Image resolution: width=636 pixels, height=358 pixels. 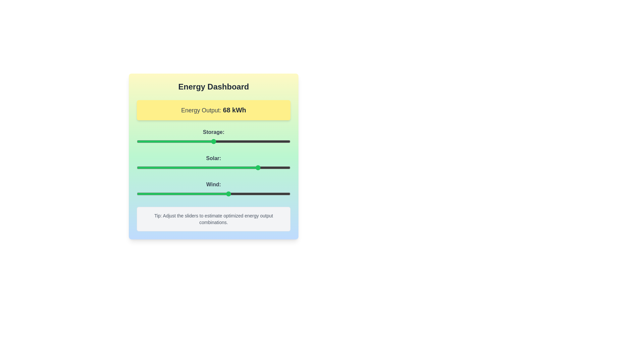 I want to click on the 'Storage' slider to 94, so click(x=281, y=141).